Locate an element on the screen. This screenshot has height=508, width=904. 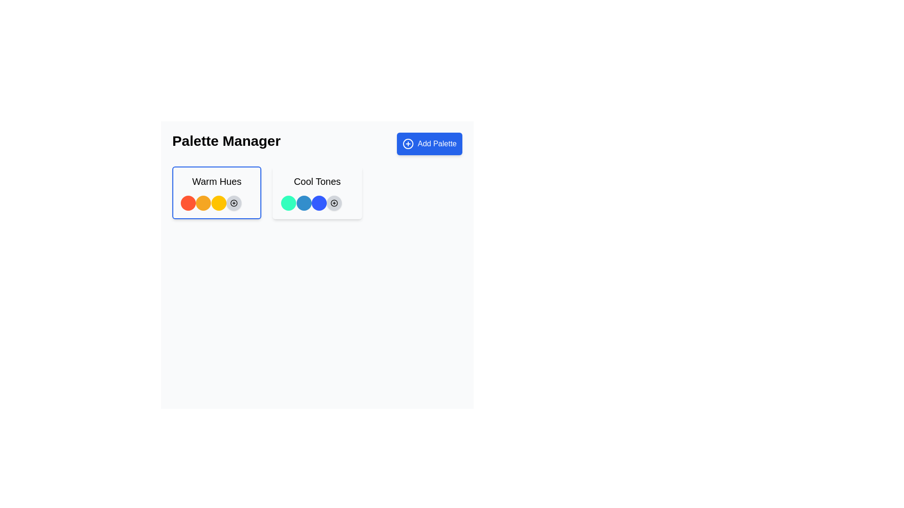
the second circular color swatch in the 'Warm Hues' palette, which is located between the first swatch (red) and the third swatch (yellow) is located at coordinates (203, 203).